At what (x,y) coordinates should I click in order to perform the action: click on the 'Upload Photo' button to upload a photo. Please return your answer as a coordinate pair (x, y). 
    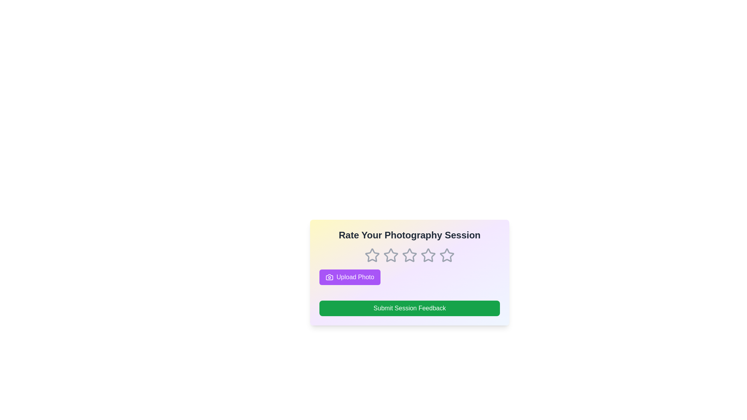
    Looking at the image, I should click on (349, 277).